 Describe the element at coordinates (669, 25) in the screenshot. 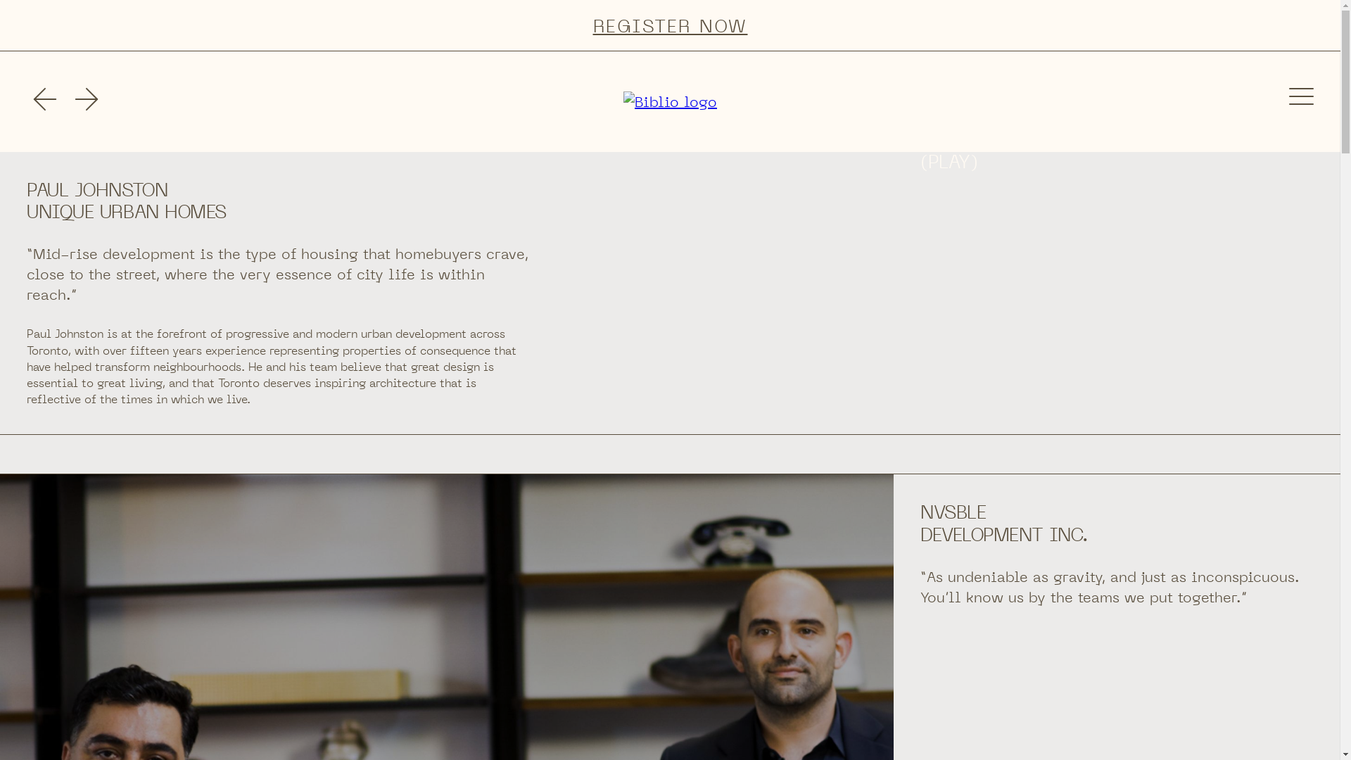

I see `'REGISTER NOW'` at that location.